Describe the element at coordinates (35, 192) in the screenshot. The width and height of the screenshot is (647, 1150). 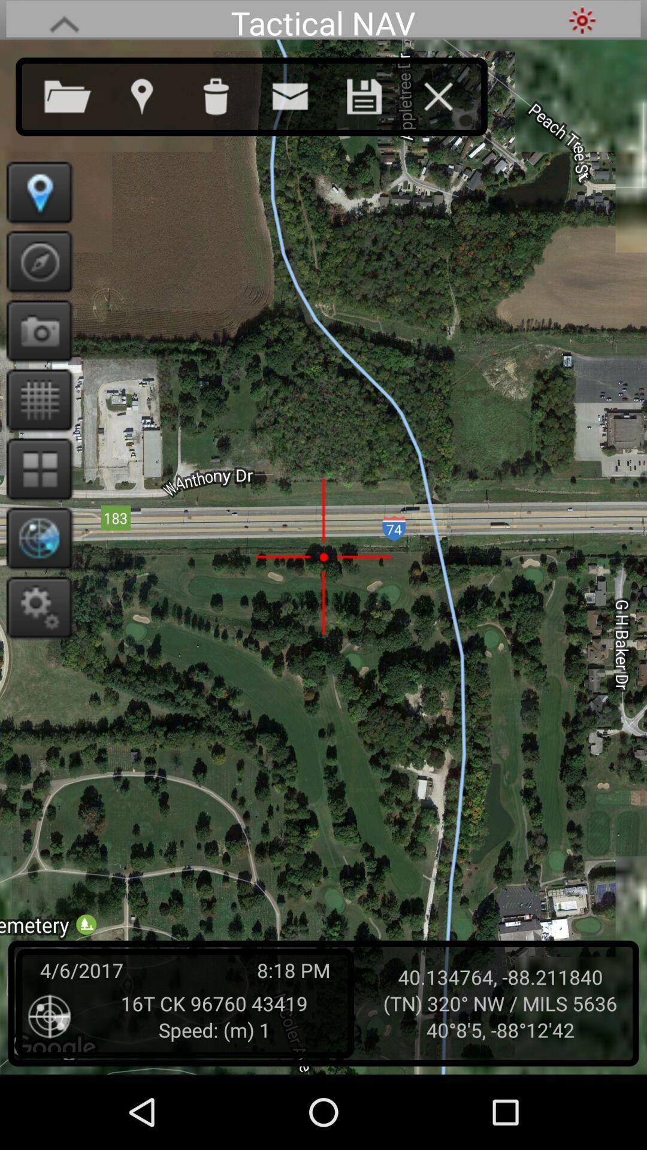
I see `location marker` at that location.